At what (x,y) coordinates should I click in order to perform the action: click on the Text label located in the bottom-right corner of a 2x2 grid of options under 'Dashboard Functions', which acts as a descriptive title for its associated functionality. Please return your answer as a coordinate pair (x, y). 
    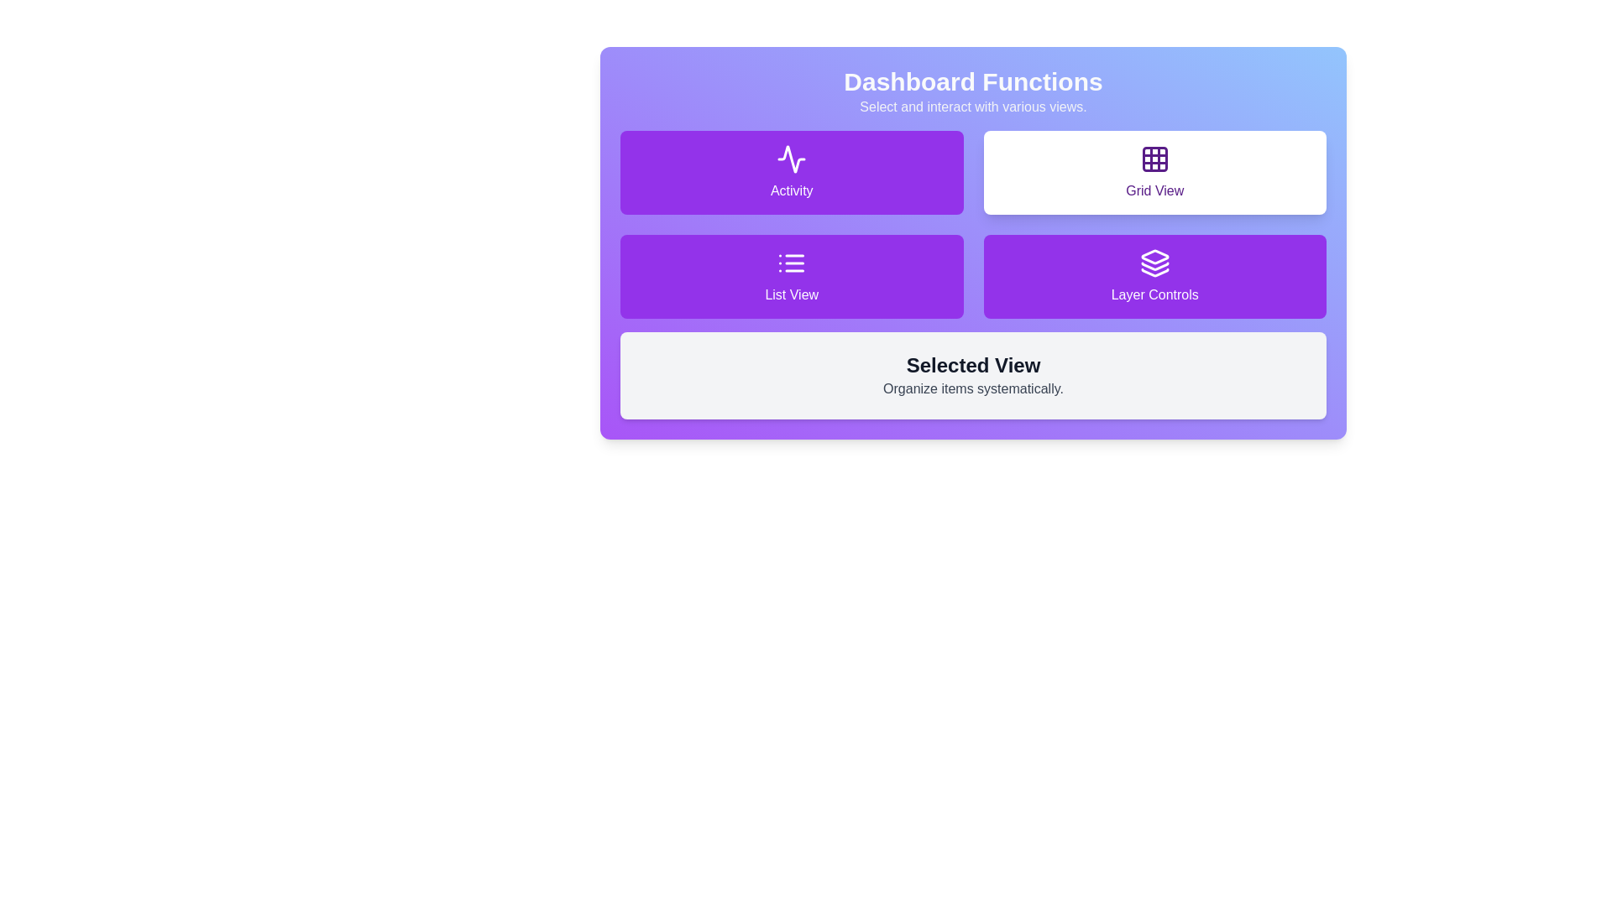
    Looking at the image, I should click on (1154, 294).